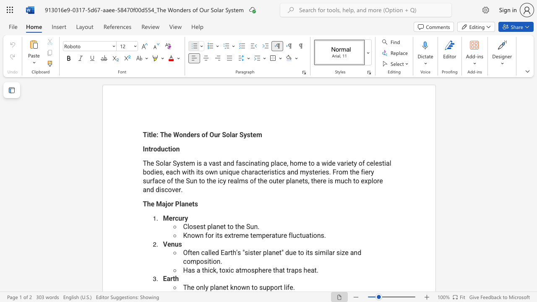 The image size is (537, 302). I want to click on the 1th character "u" in the text, so click(264, 287).